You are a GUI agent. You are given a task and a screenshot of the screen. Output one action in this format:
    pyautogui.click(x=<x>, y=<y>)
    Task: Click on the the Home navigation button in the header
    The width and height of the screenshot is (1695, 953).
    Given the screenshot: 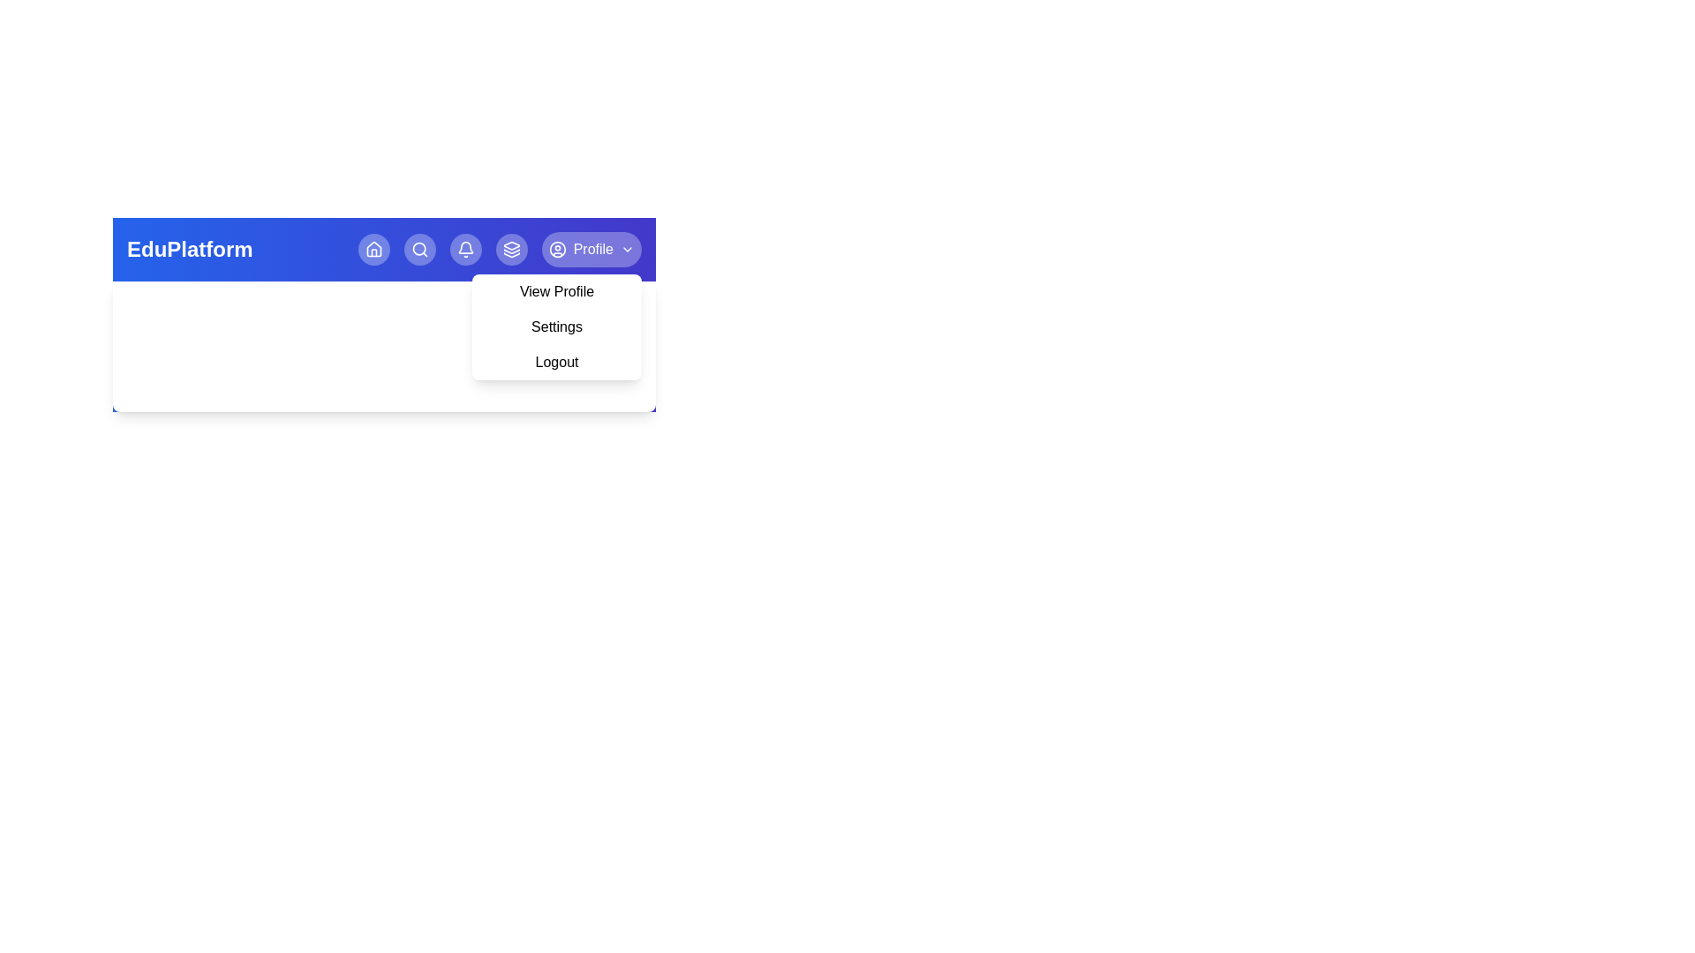 What is the action you would take?
    pyautogui.click(x=373, y=249)
    